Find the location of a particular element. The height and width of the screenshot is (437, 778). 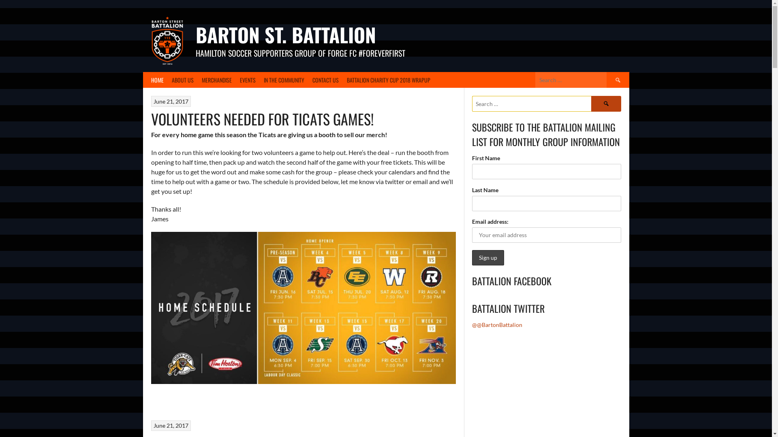

'June 21, 2017' is located at coordinates (171, 425).